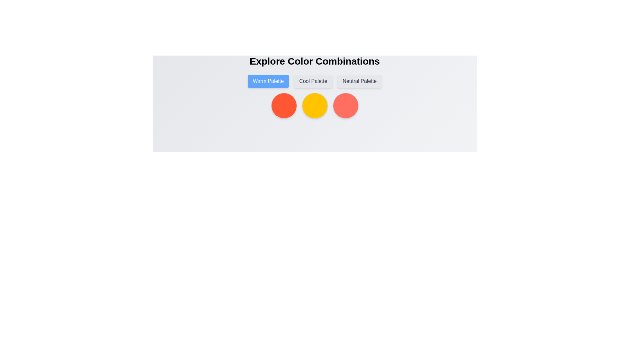 The image size is (617, 347). I want to click on the middle button labeled 'Cool Palette' in the horizontal bar of buttons located below the title 'Explore Color Combinations', so click(315, 81).